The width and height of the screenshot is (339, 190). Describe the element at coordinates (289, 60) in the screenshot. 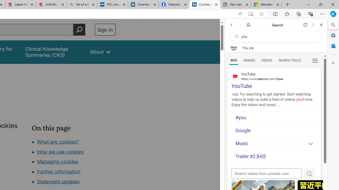

I see `'SEARCH TOOLS'` at that location.